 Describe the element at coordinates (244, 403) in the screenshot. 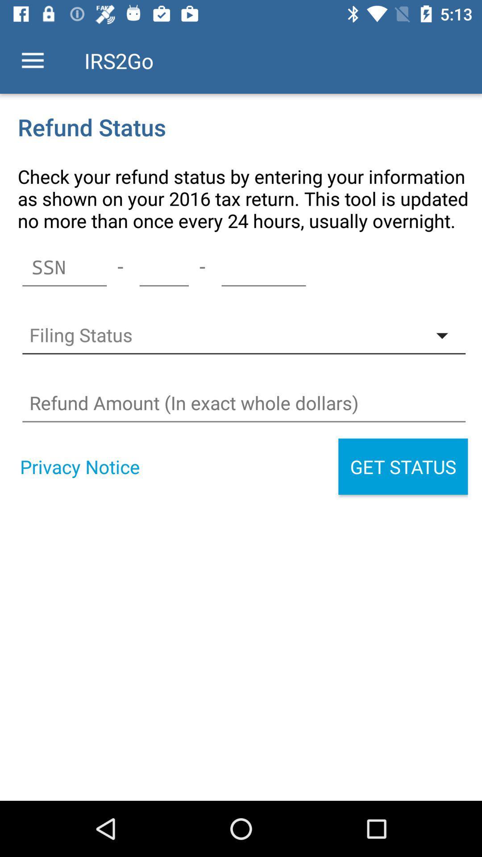

I see `type refund amount` at that location.